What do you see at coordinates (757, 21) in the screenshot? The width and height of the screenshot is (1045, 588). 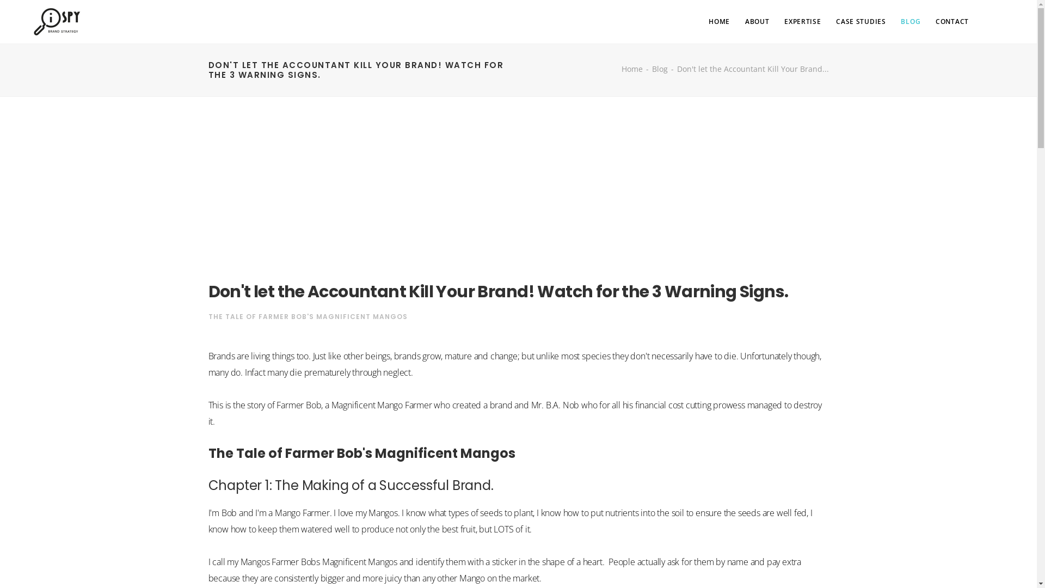 I see `'ABOUT'` at bounding box center [757, 21].